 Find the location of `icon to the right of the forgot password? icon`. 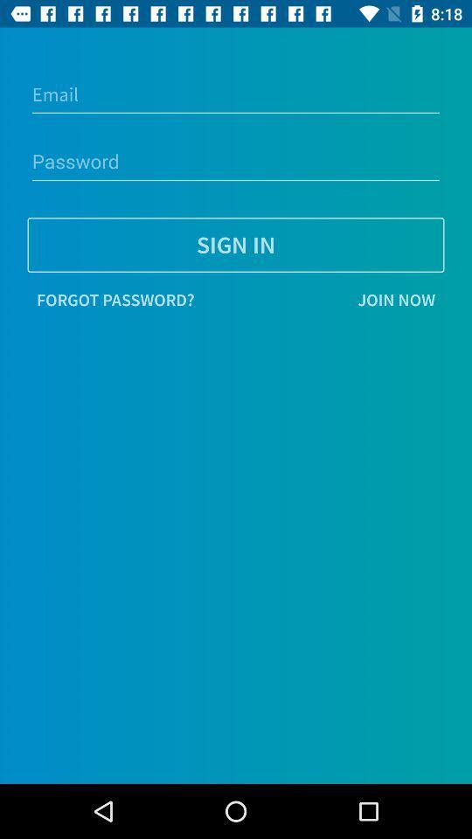

icon to the right of the forgot password? icon is located at coordinates (323, 300).